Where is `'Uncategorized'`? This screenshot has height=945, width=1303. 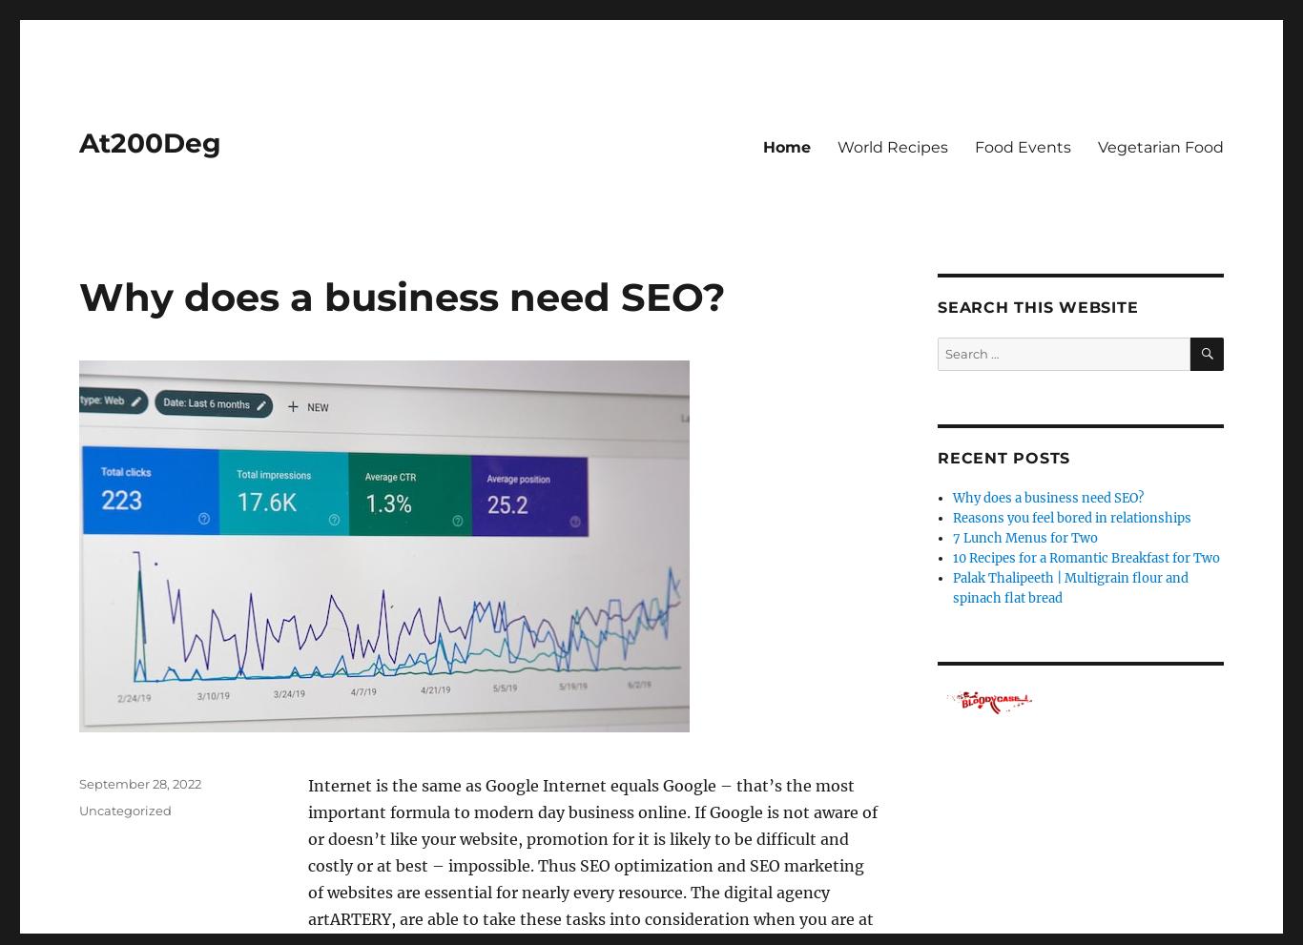 'Uncategorized' is located at coordinates (124, 809).